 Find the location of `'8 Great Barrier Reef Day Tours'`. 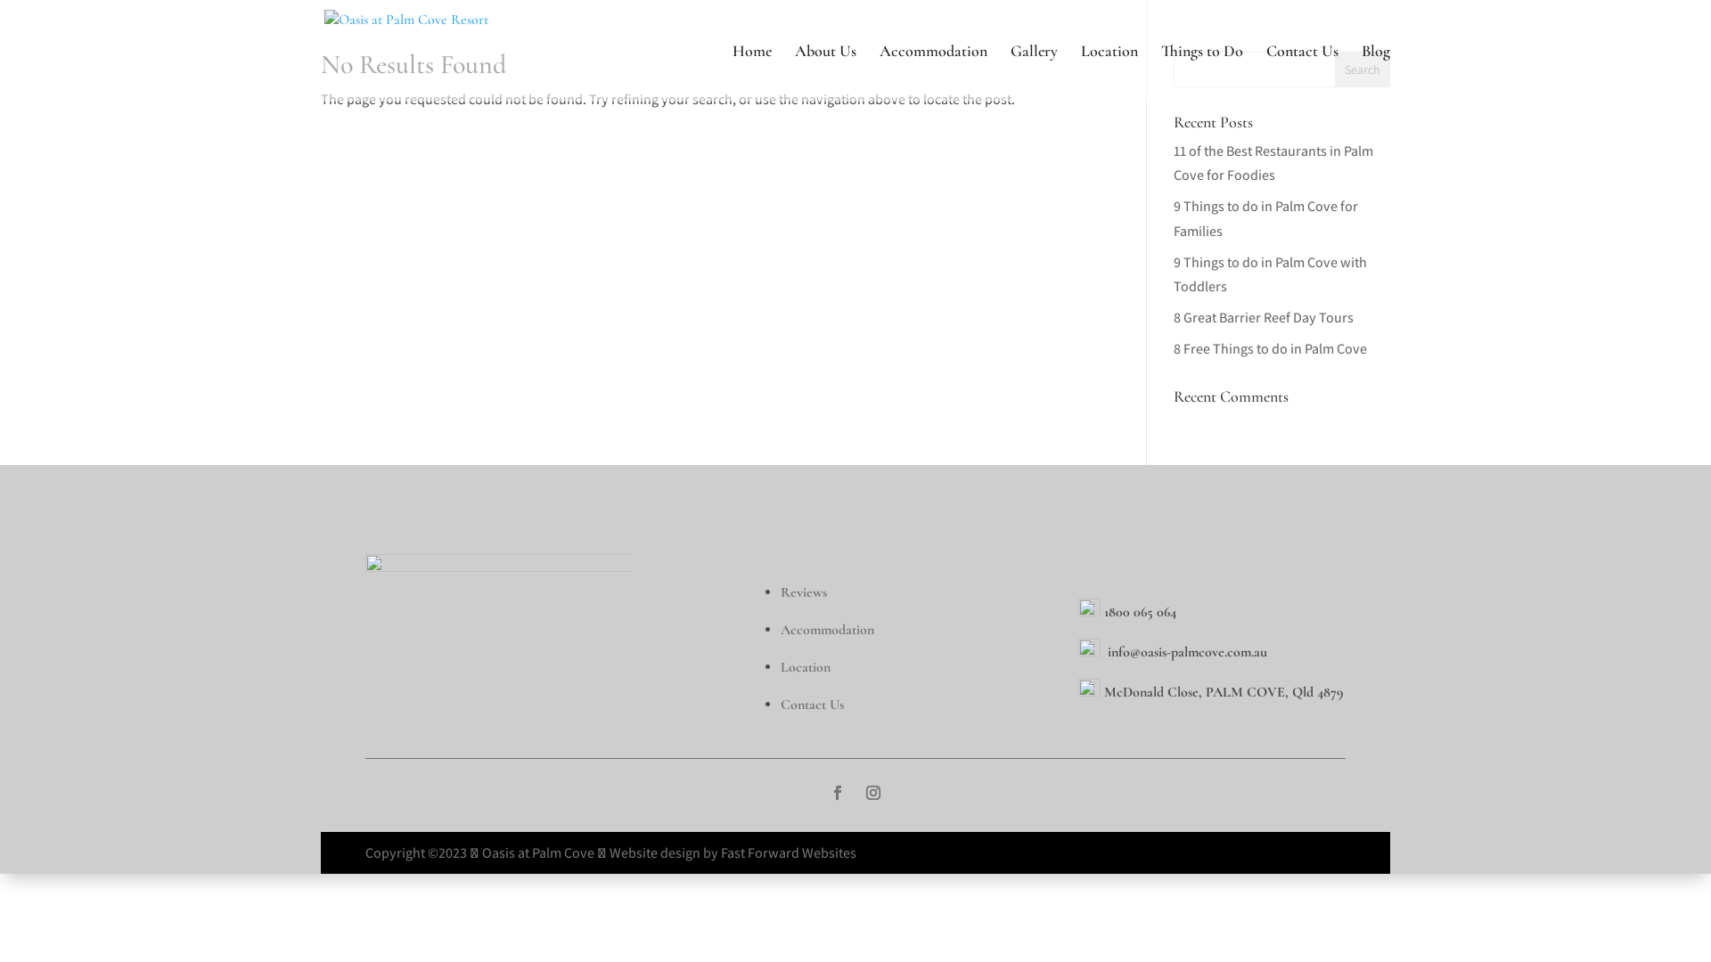

'8 Great Barrier Reef Day Tours' is located at coordinates (1262, 316).